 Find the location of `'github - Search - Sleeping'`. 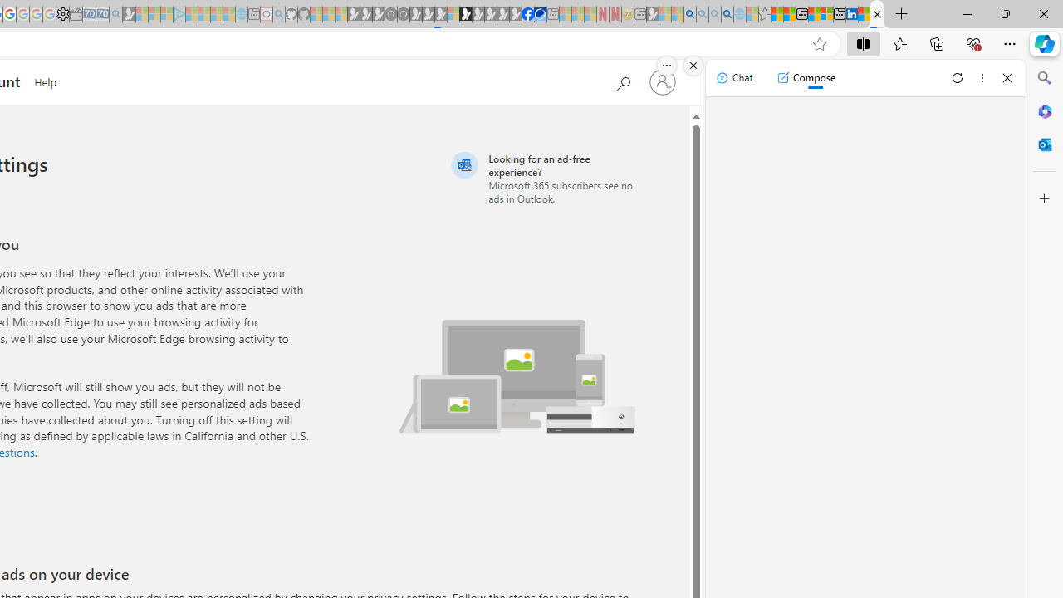

'github - Search - Sleeping' is located at coordinates (279, 14).